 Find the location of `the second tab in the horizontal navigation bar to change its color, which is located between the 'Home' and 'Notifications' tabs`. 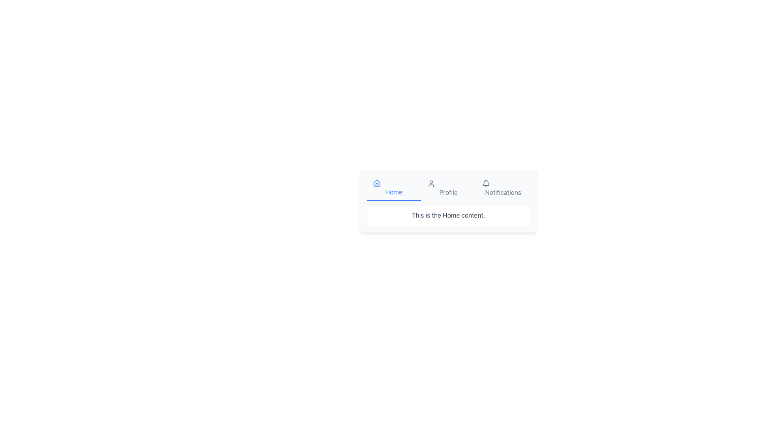

the second tab in the horizontal navigation bar to change its color, which is located between the 'Home' and 'Notifications' tabs is located at coordinates (448, 188).